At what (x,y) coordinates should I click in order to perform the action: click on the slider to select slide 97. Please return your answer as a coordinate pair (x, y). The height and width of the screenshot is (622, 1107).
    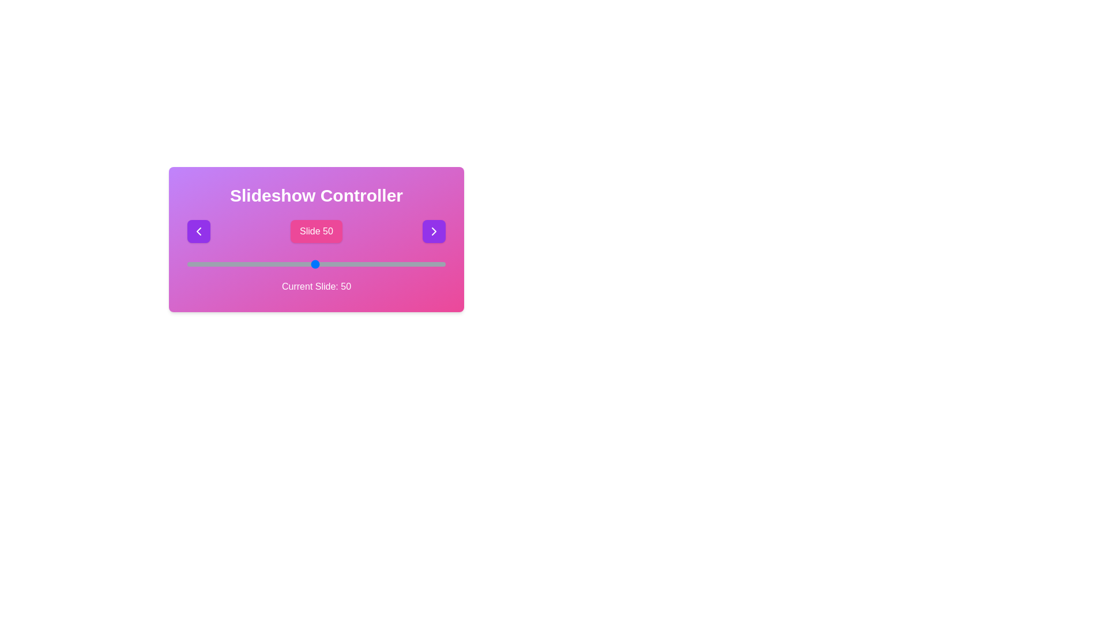
    Looking at the image, I should click on (437, 264).